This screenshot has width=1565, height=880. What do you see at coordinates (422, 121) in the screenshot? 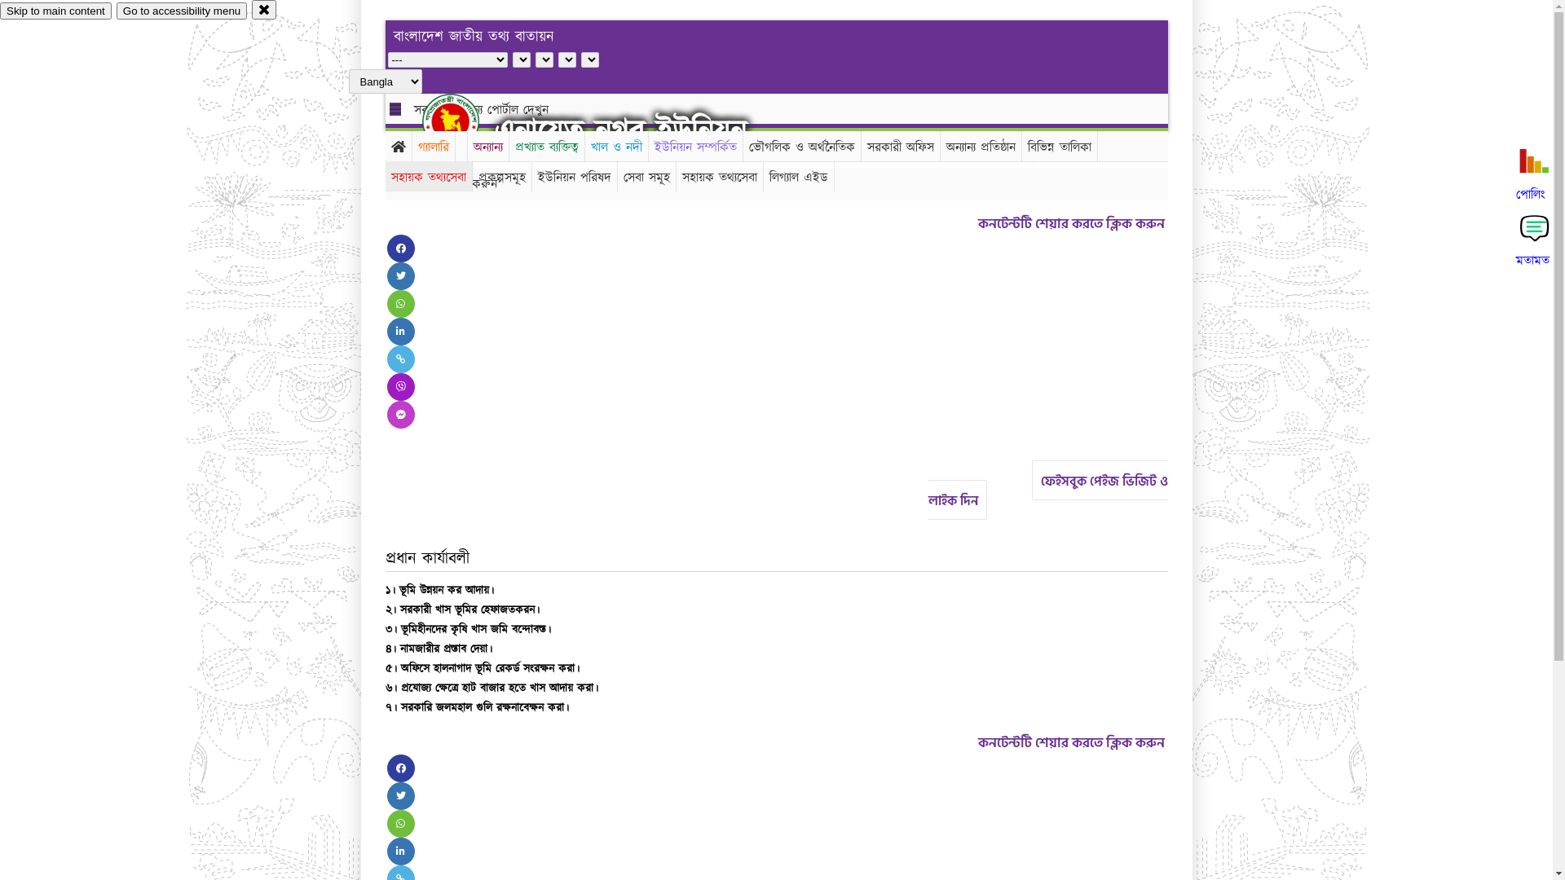
I see `'` at bounding box center [422, 121].